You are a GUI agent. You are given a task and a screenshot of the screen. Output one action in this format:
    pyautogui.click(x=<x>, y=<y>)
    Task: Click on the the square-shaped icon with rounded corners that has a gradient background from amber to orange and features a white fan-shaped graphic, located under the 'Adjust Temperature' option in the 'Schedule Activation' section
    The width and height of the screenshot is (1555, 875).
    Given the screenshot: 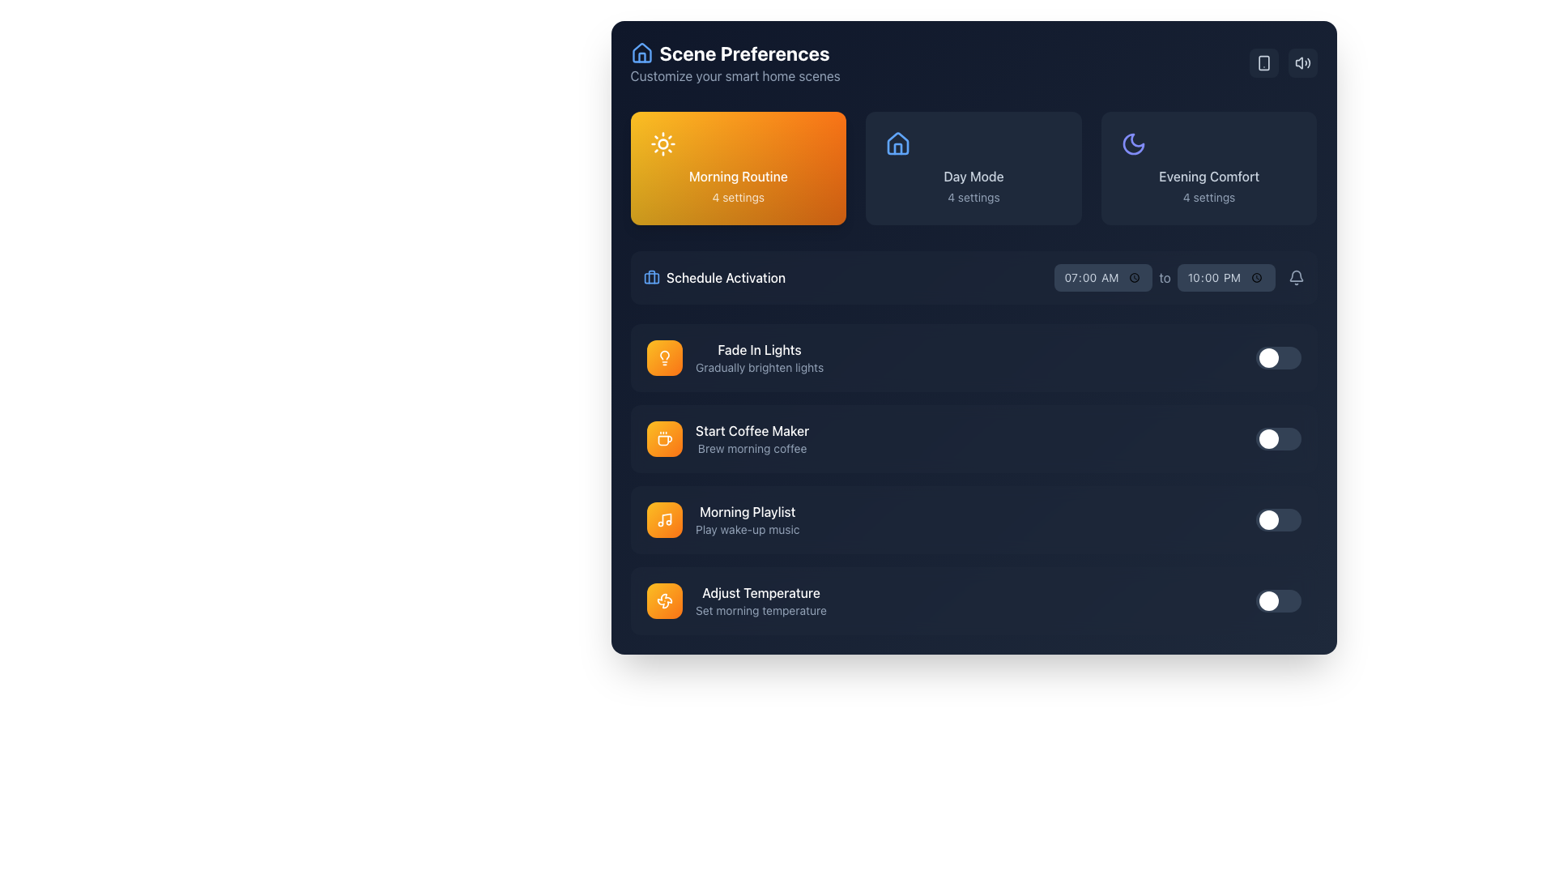 What is the action you would take?
    pyautogui.click(x=664, y=600)
    